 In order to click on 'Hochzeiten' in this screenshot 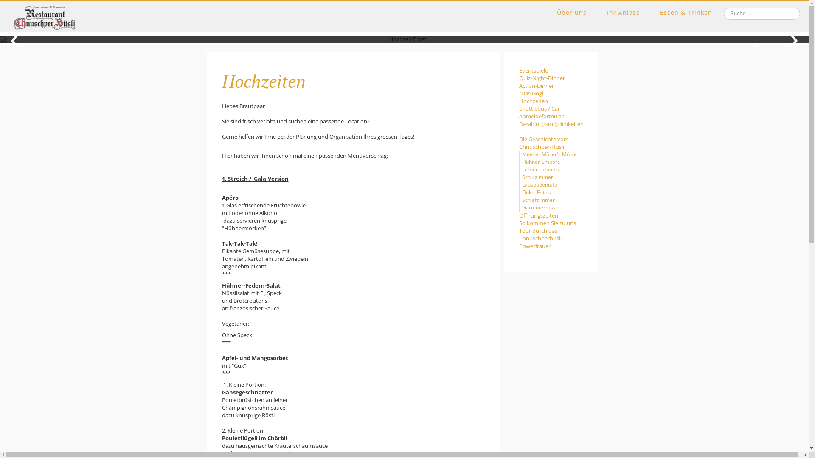, I will do `click(551, 101)`.